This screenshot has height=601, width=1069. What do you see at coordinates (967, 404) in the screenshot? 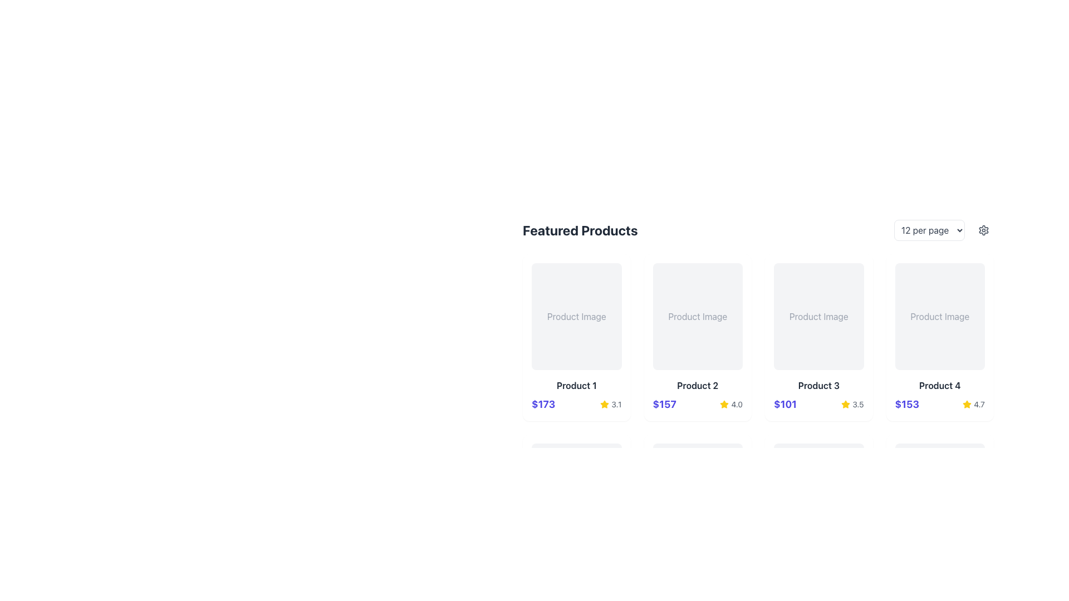
I see `the star icon representing the rating for 'Product 4', located below the heading and to the left of the numerical rating` at bounding box center [967, 404].